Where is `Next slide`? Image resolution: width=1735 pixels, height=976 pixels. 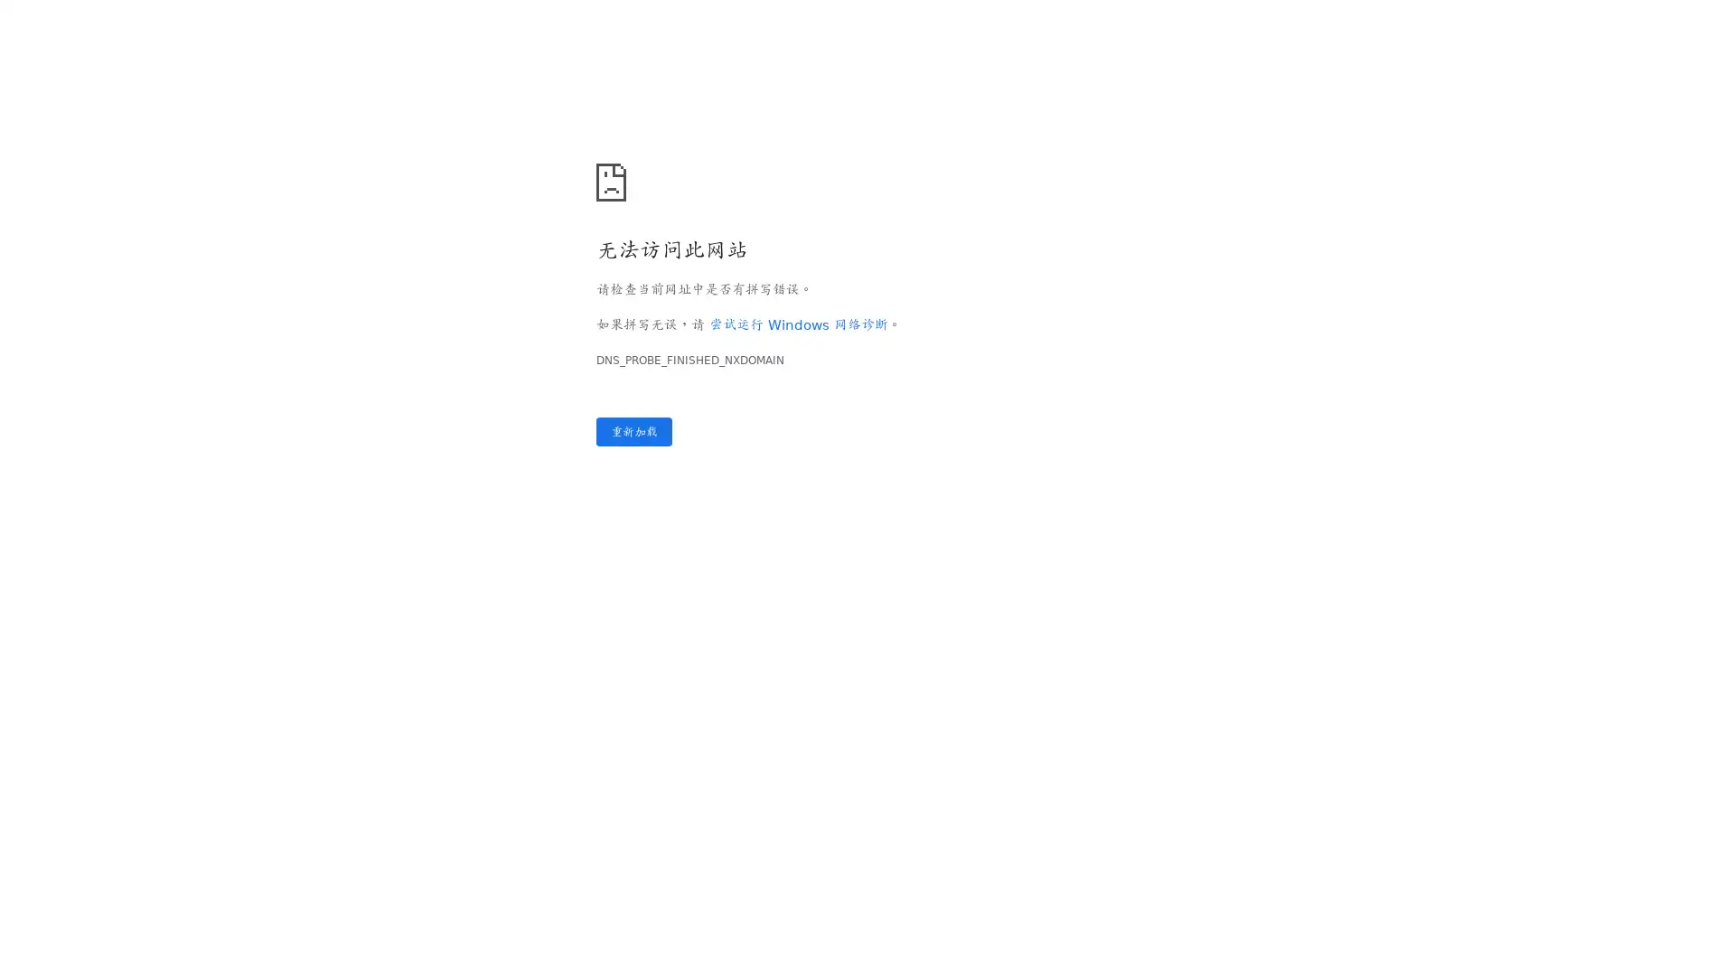 Next slide is located at coordinates (1701, 514).